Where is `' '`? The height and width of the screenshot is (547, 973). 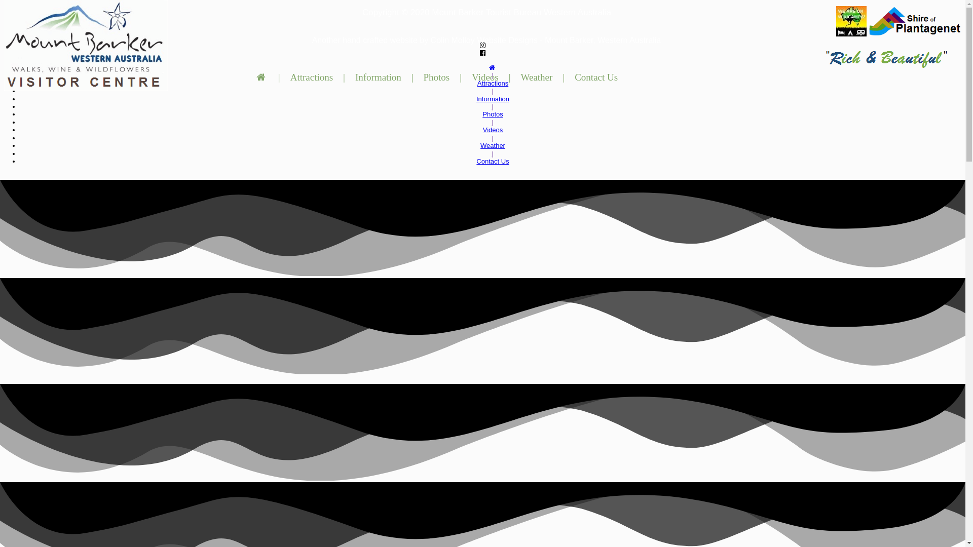
' ' is located at coordinates (493, 67).